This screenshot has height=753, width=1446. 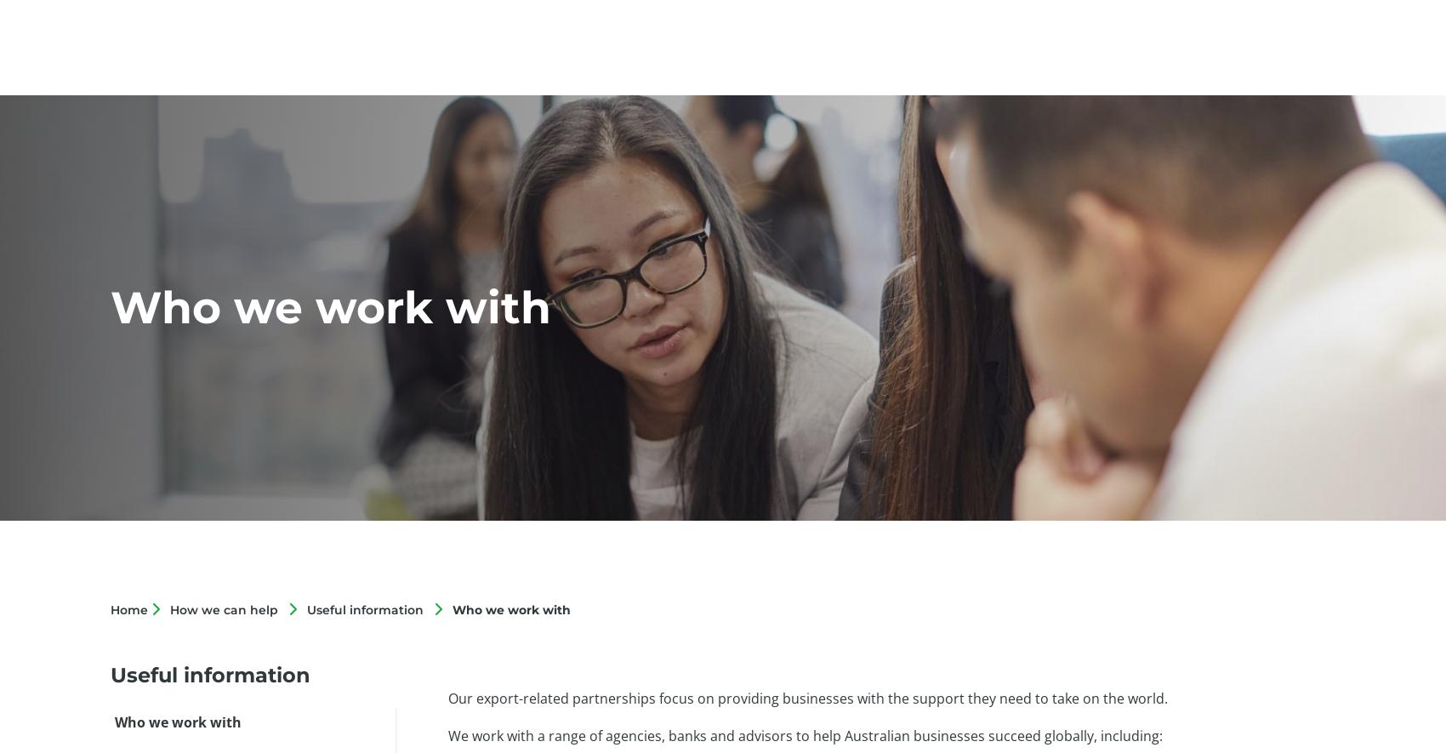 What do you see at coordinates (1005, 50) in the screenshot?
I see `'exportonline'` at bounding box center [1005, 50].